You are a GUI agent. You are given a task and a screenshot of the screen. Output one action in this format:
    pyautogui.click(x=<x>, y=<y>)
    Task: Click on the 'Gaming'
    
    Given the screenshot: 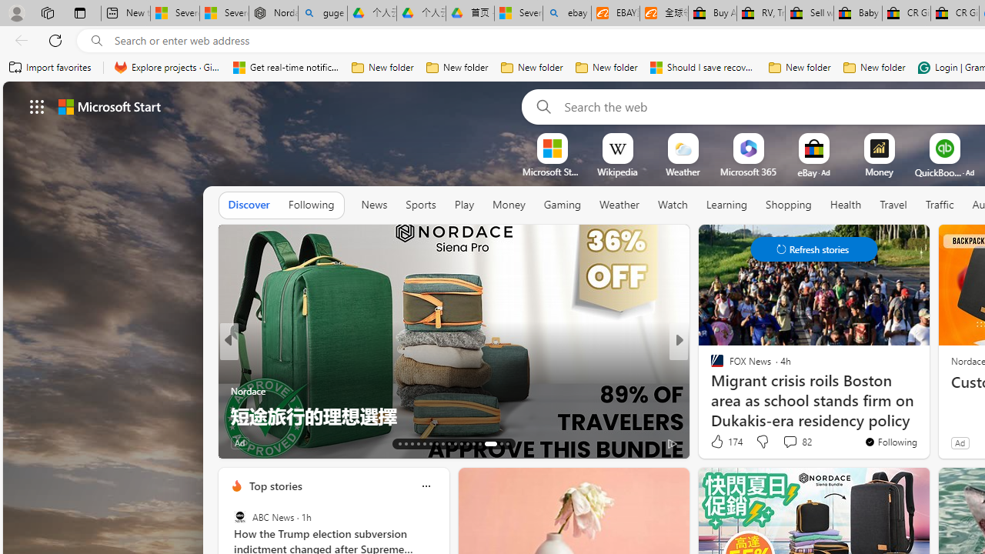 What is the action you would take?
    pyautogui.click(x=561, y=204)
    